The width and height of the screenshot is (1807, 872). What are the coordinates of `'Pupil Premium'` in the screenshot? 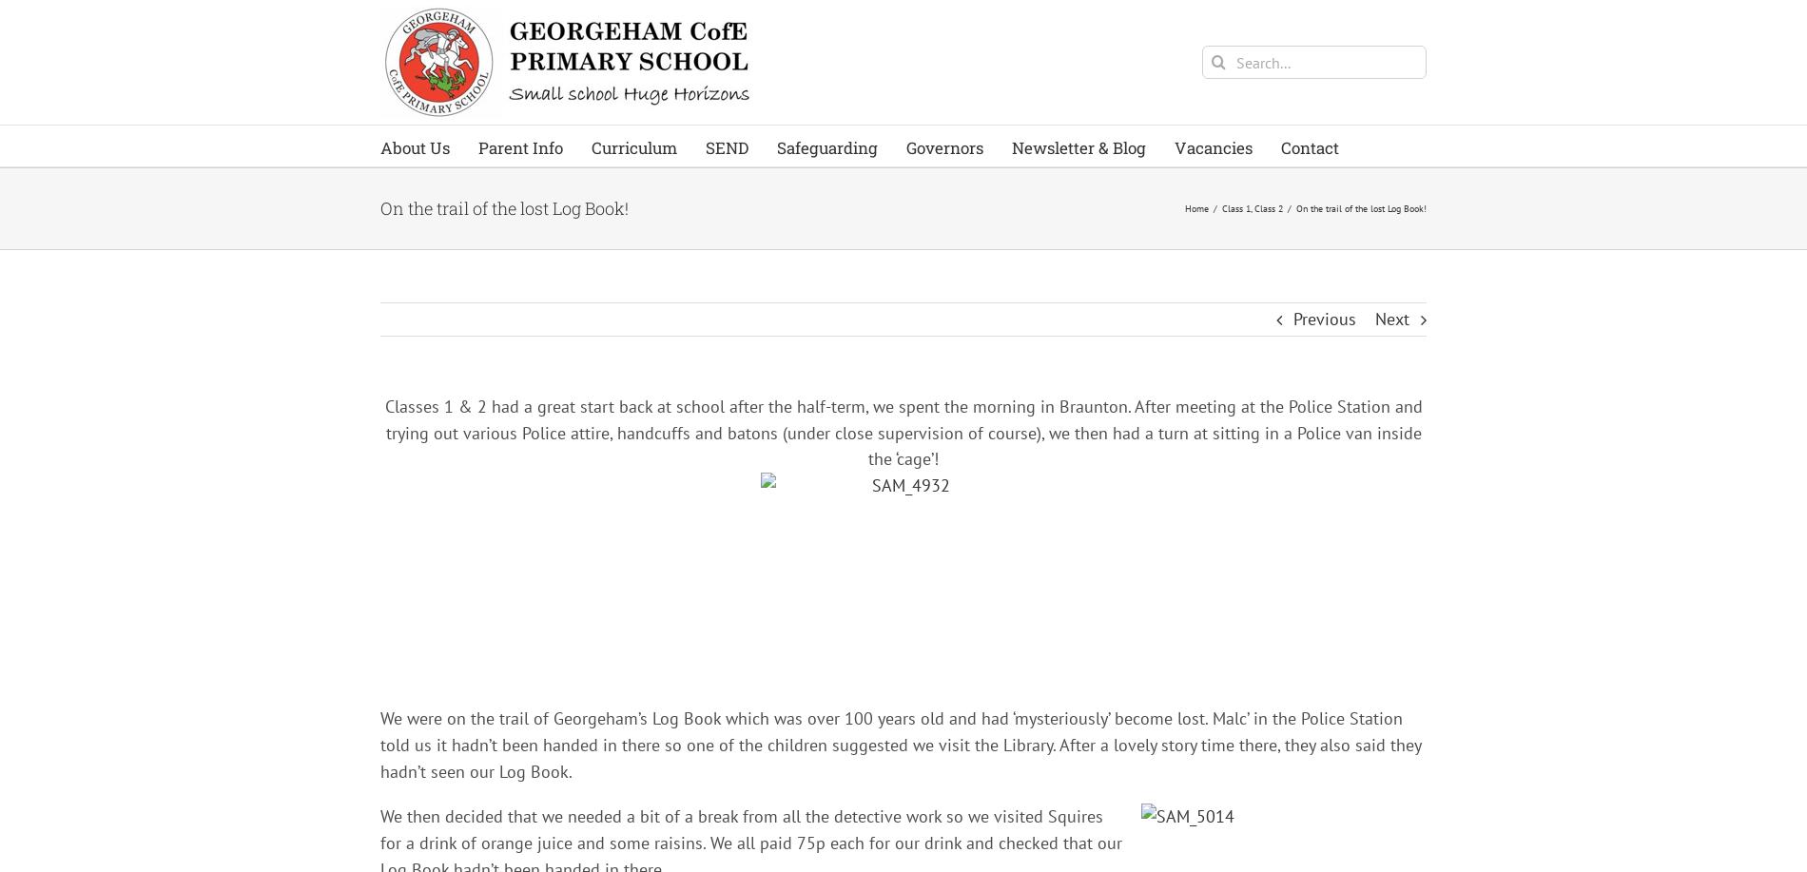 It's located at (653, 554).